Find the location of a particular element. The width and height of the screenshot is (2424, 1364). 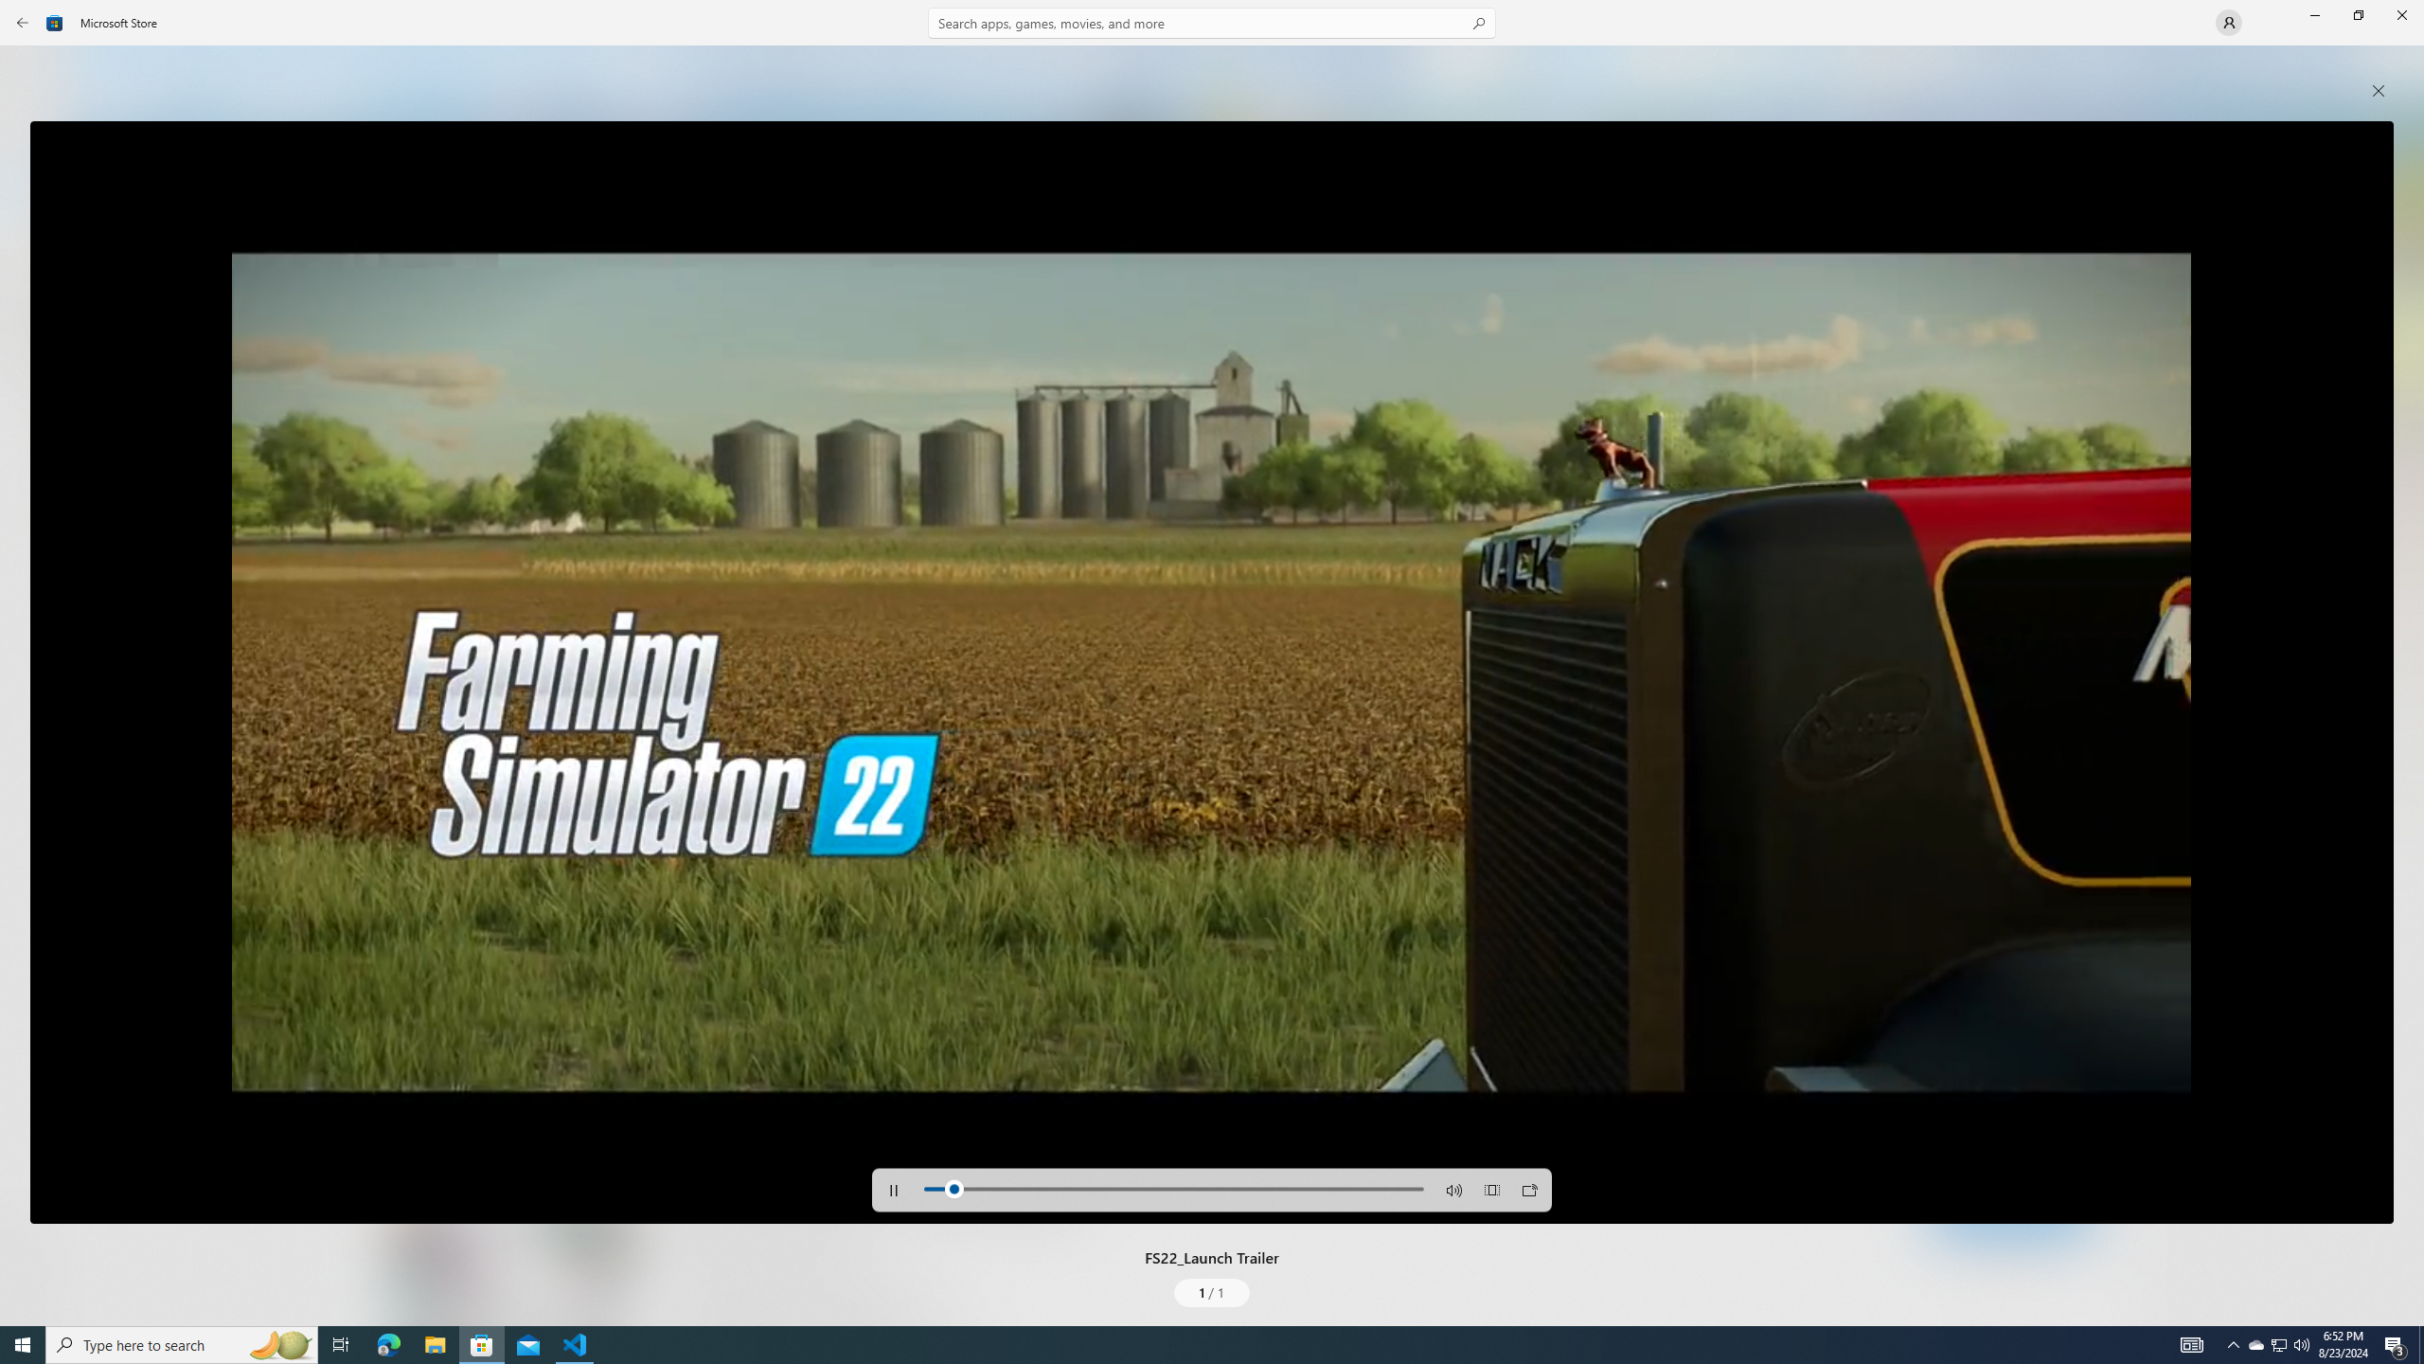

'Close Microsoft Store' is located at coordinates (2400, 14).